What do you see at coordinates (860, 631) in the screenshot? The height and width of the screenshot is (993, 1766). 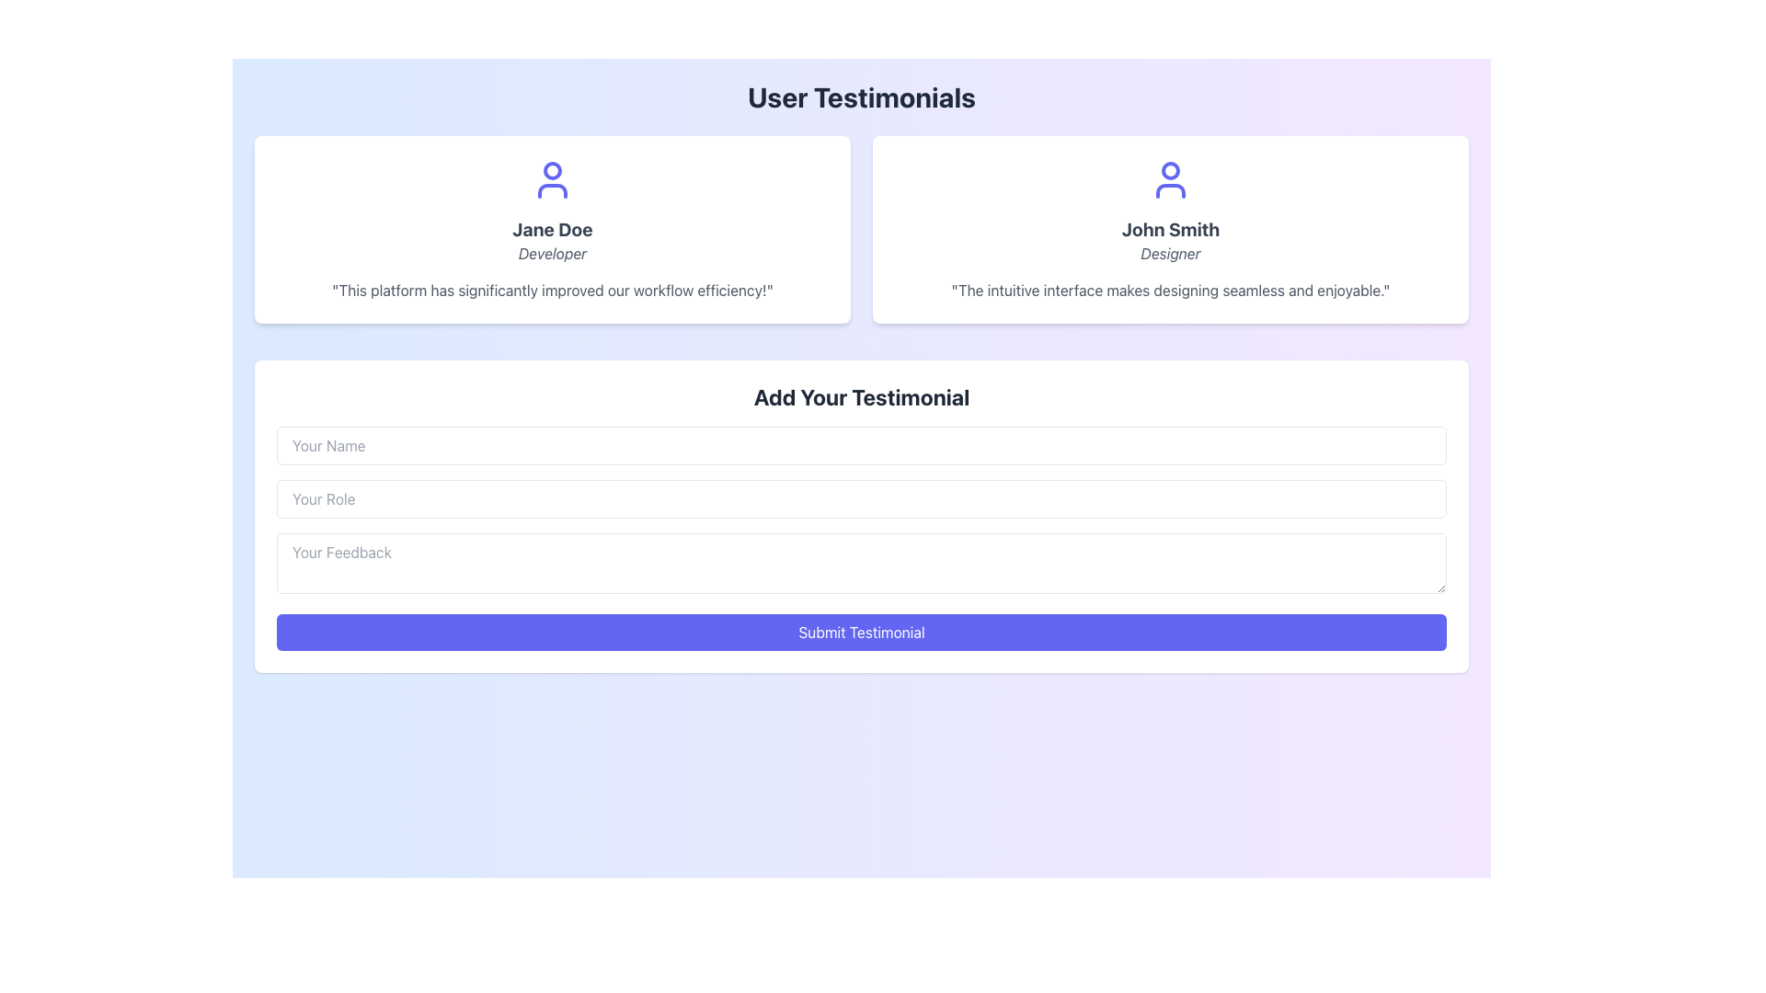 I see `the 'Submit Testimonial' button with rounded corners and indigo-blue color` at bounding box center [860, 631].